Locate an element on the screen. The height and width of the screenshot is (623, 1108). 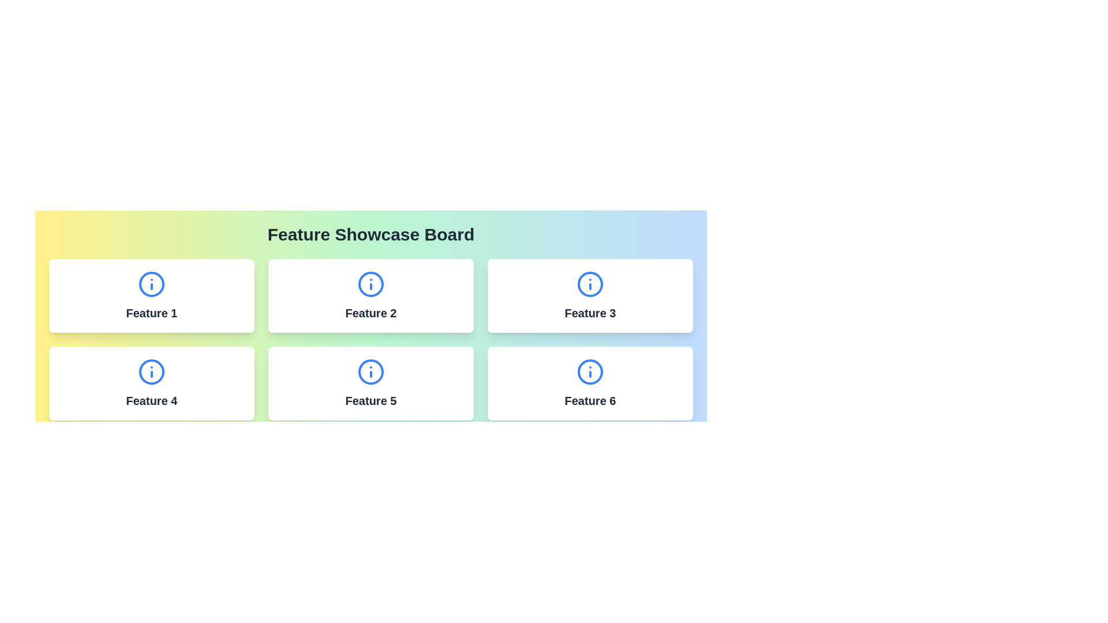
the feature highlight card located in the second row and first column of the grid layout, positioned below the 'Feature 1' card and to the left of the 'Feature 5' card is located at coordinates (151, 383).